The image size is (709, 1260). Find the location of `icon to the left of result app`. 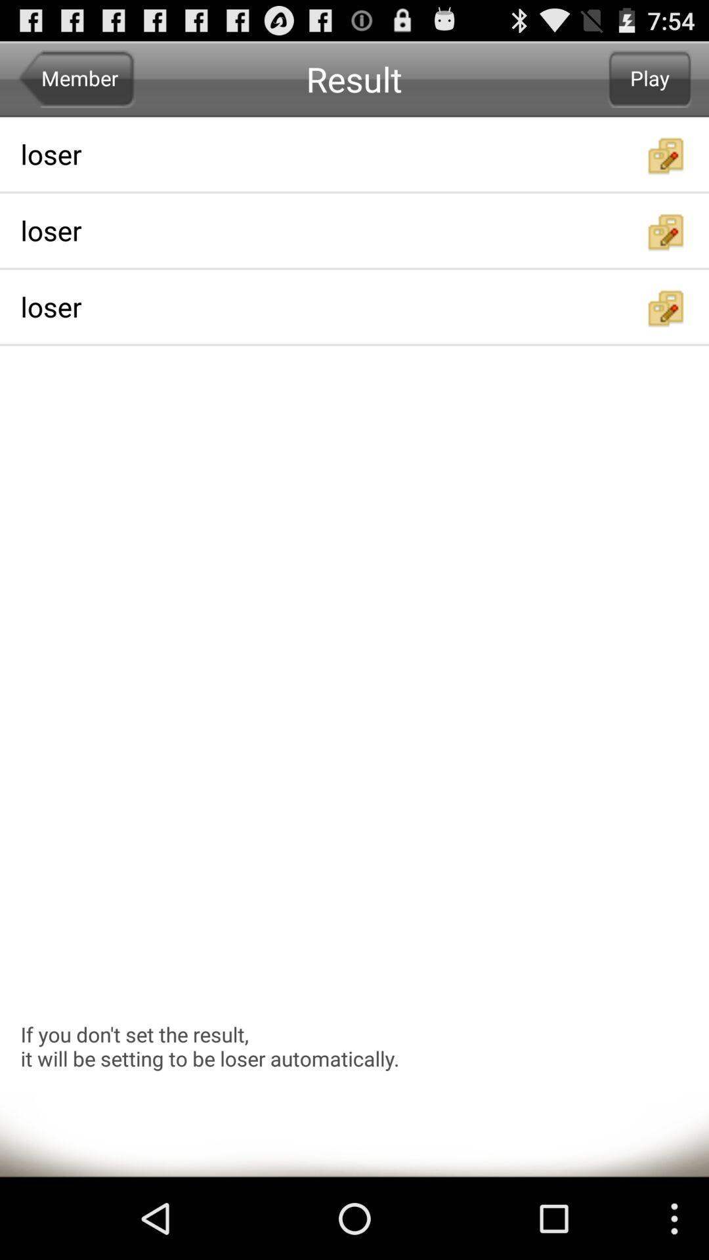

icon to the left of result app is located at coordinates (76, 78).